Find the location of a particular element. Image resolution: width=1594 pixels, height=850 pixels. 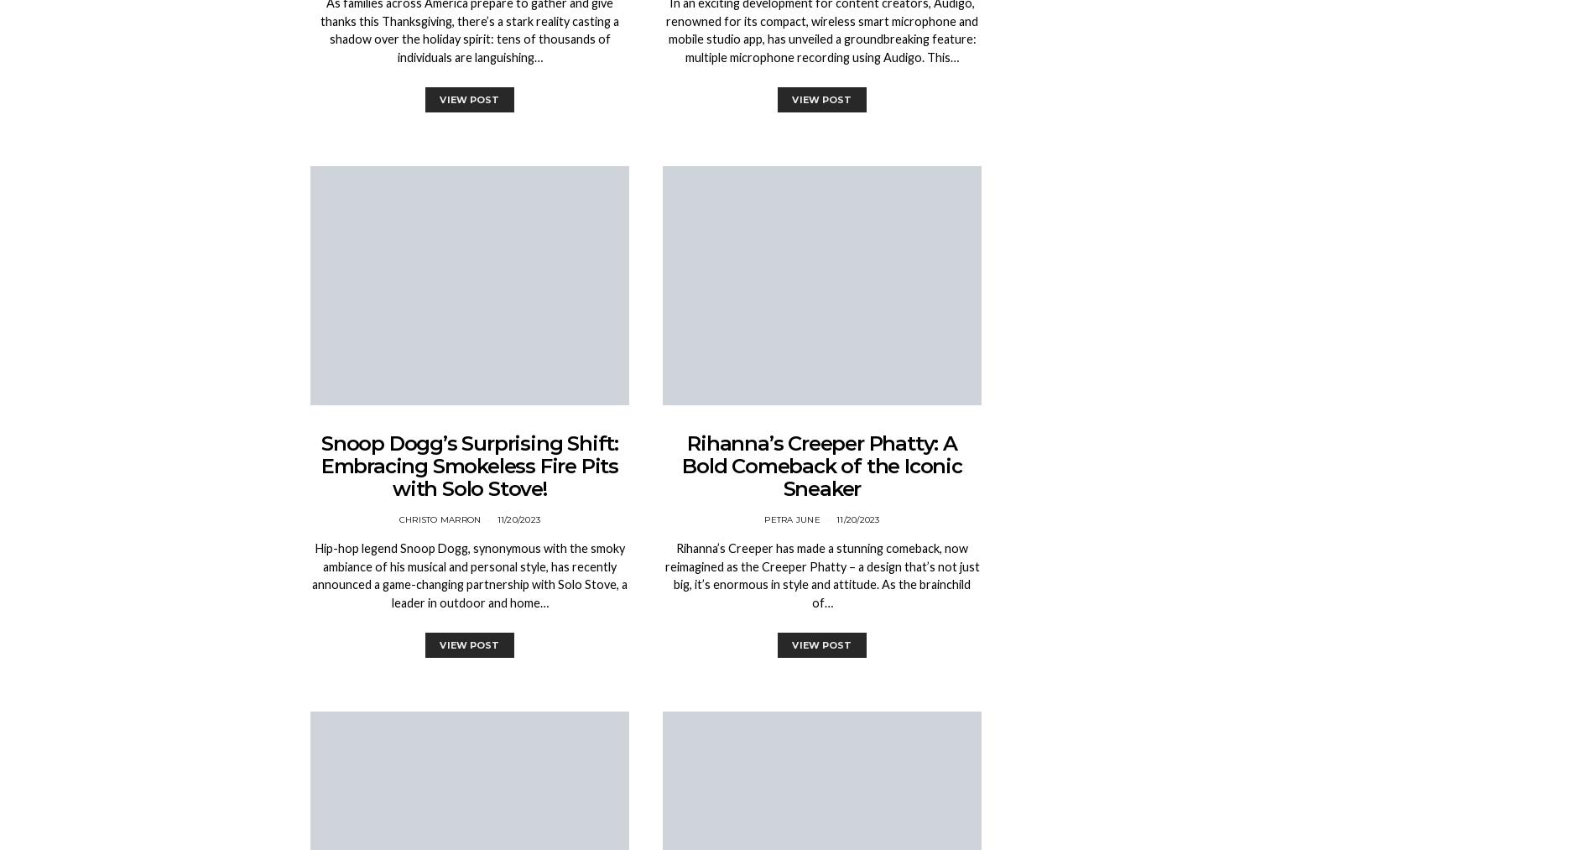

'1 min' is located at coordinates (475, 408).